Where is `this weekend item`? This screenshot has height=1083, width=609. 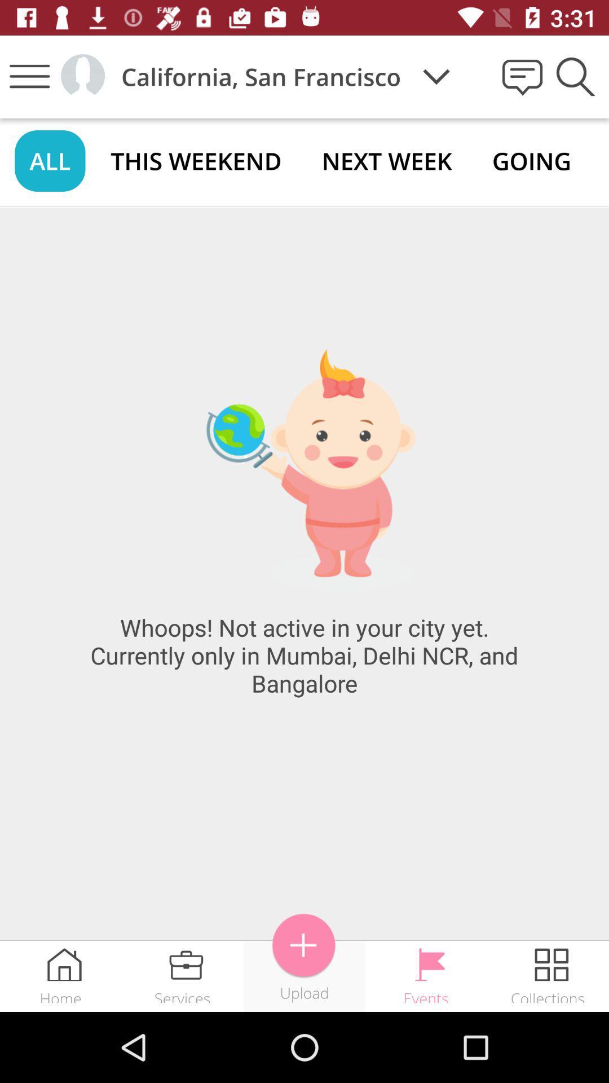 this weekend item is located at coordinates (195, 160).